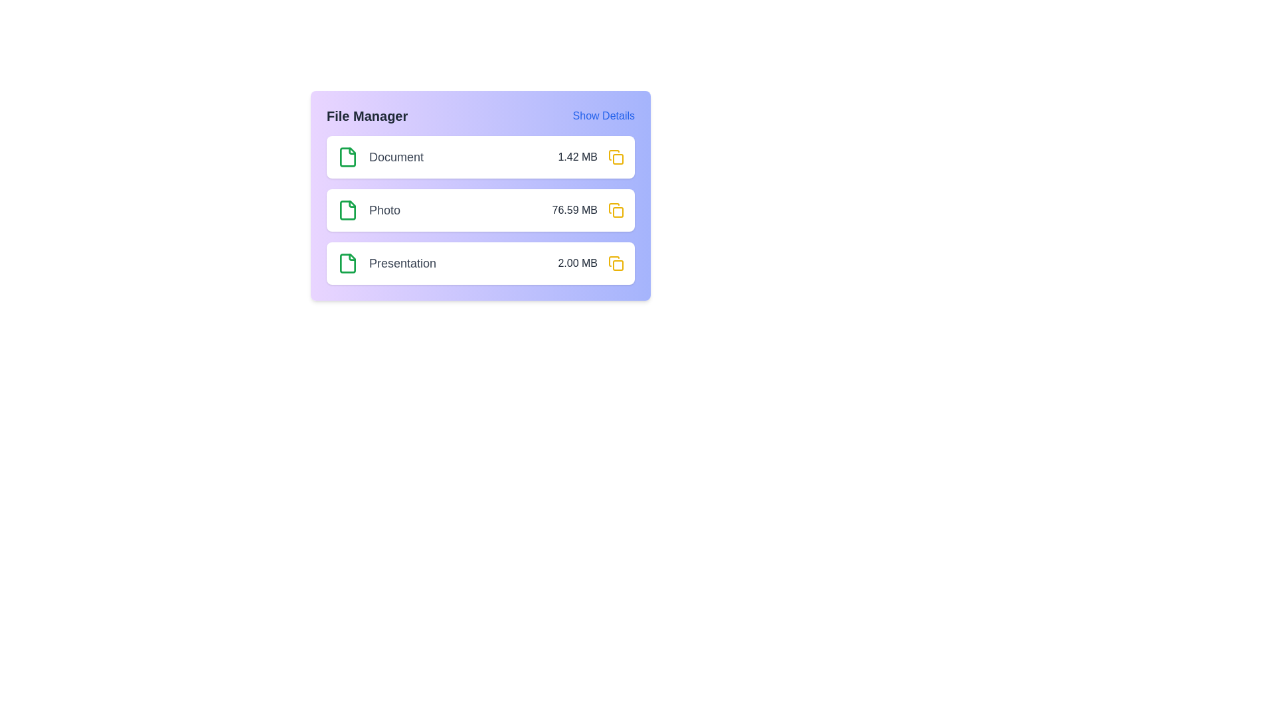  Describe the element at coordinates (615, 209) in the screenshot. I see `the yellow icon button resembling a document copying symbol located next to the 'Photo' text and '76.59 MB' file size in the second row of the File Manager panel to copy information` at that location.